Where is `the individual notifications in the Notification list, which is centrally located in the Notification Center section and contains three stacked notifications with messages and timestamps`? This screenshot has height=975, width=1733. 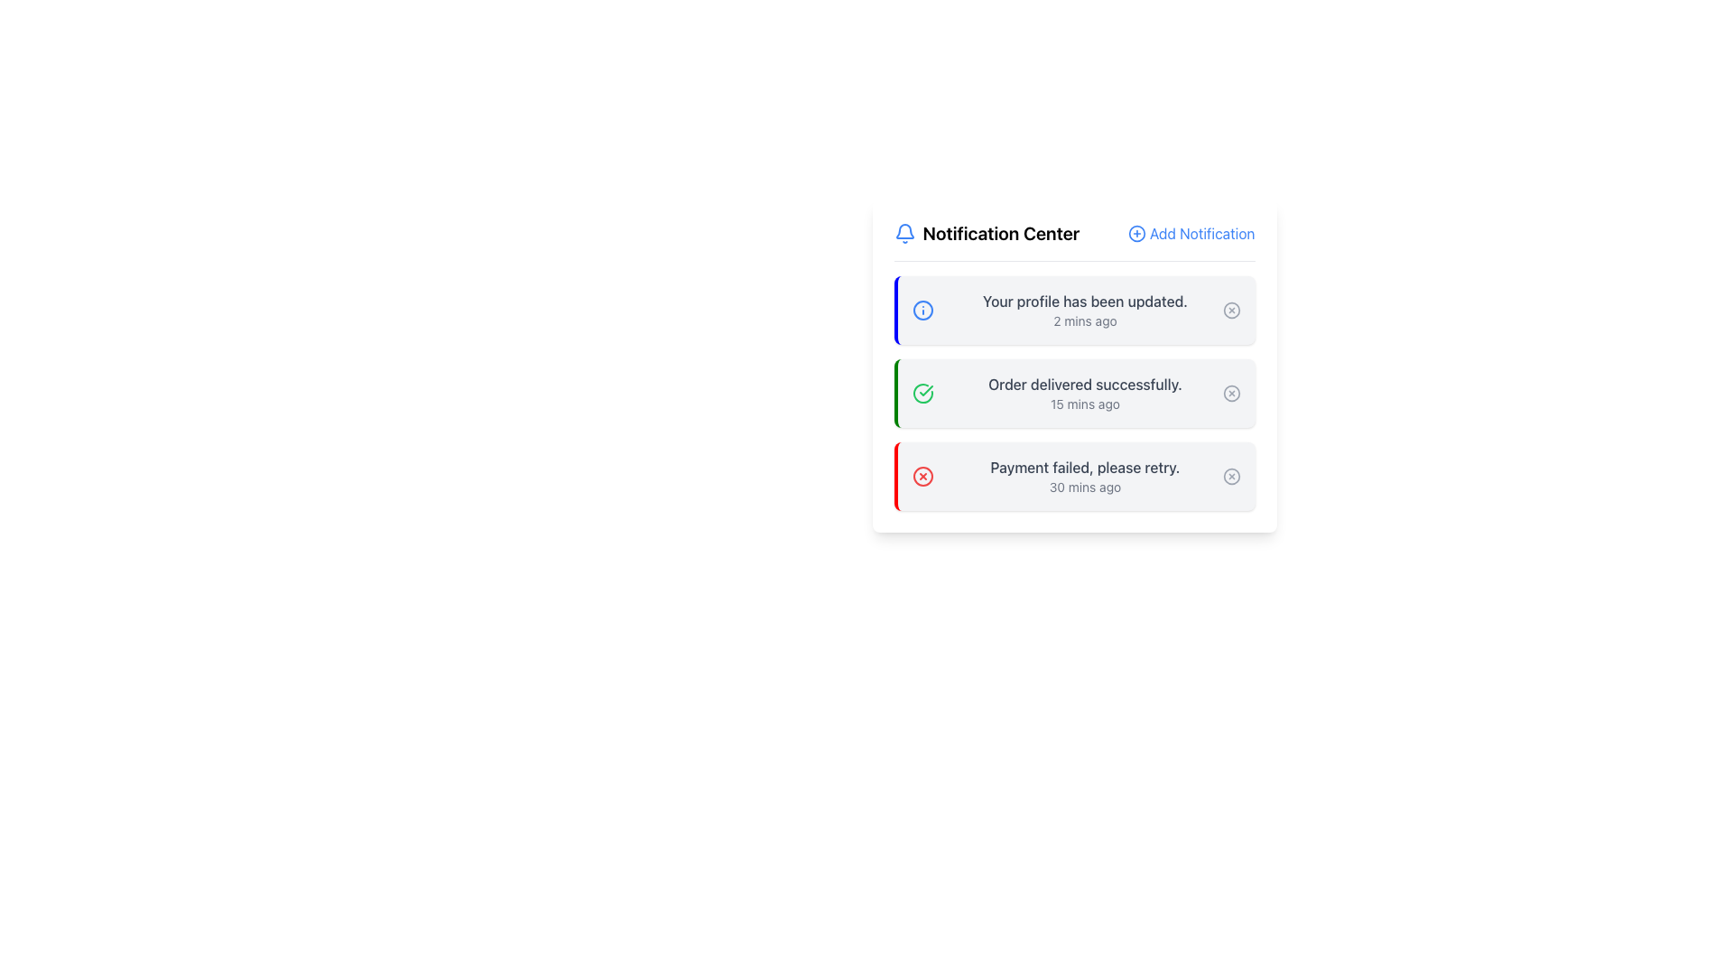 the individual notifications in the Notification list, which is centrally located in the Notification Center section and contains three stacked notifications with messages and timestamps is located at coordinates (1074, 392).